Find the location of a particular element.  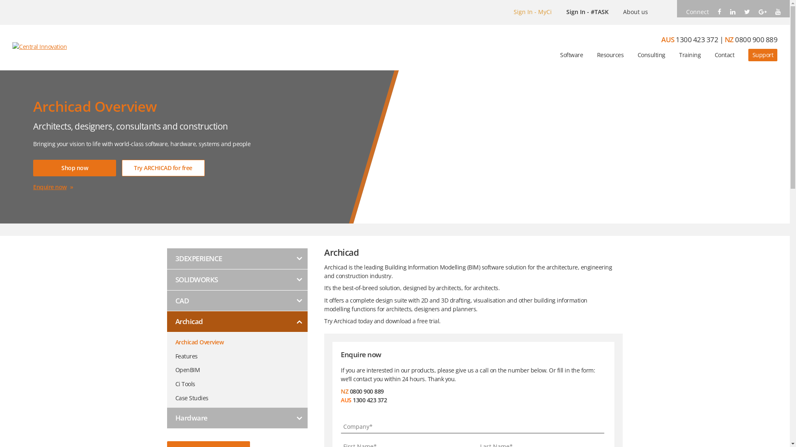

'Resources' is located at coordinates (597, 55).